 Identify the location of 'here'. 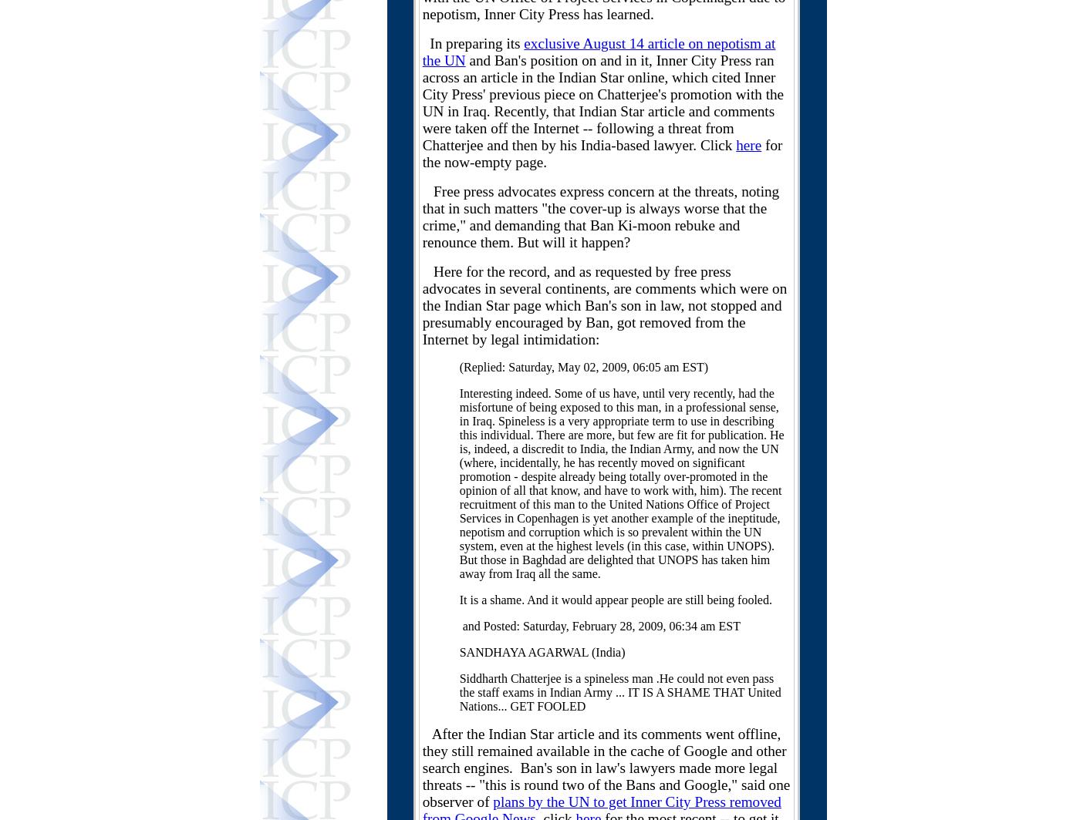
(748, 145).